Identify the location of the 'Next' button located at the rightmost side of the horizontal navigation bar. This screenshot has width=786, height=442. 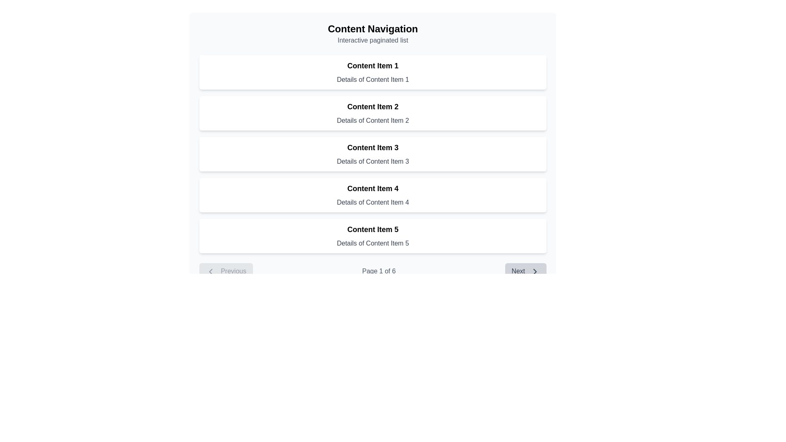
(526, 271).